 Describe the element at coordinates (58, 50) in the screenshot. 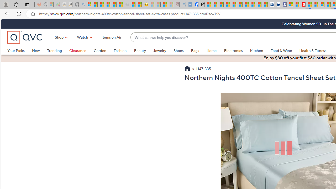

I see `'Trending'` at that location.